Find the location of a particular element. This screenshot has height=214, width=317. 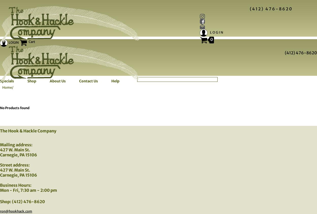

'Mon - Fri, 7:30 am - 2:00 pm' is located at coordinates (0, 190).